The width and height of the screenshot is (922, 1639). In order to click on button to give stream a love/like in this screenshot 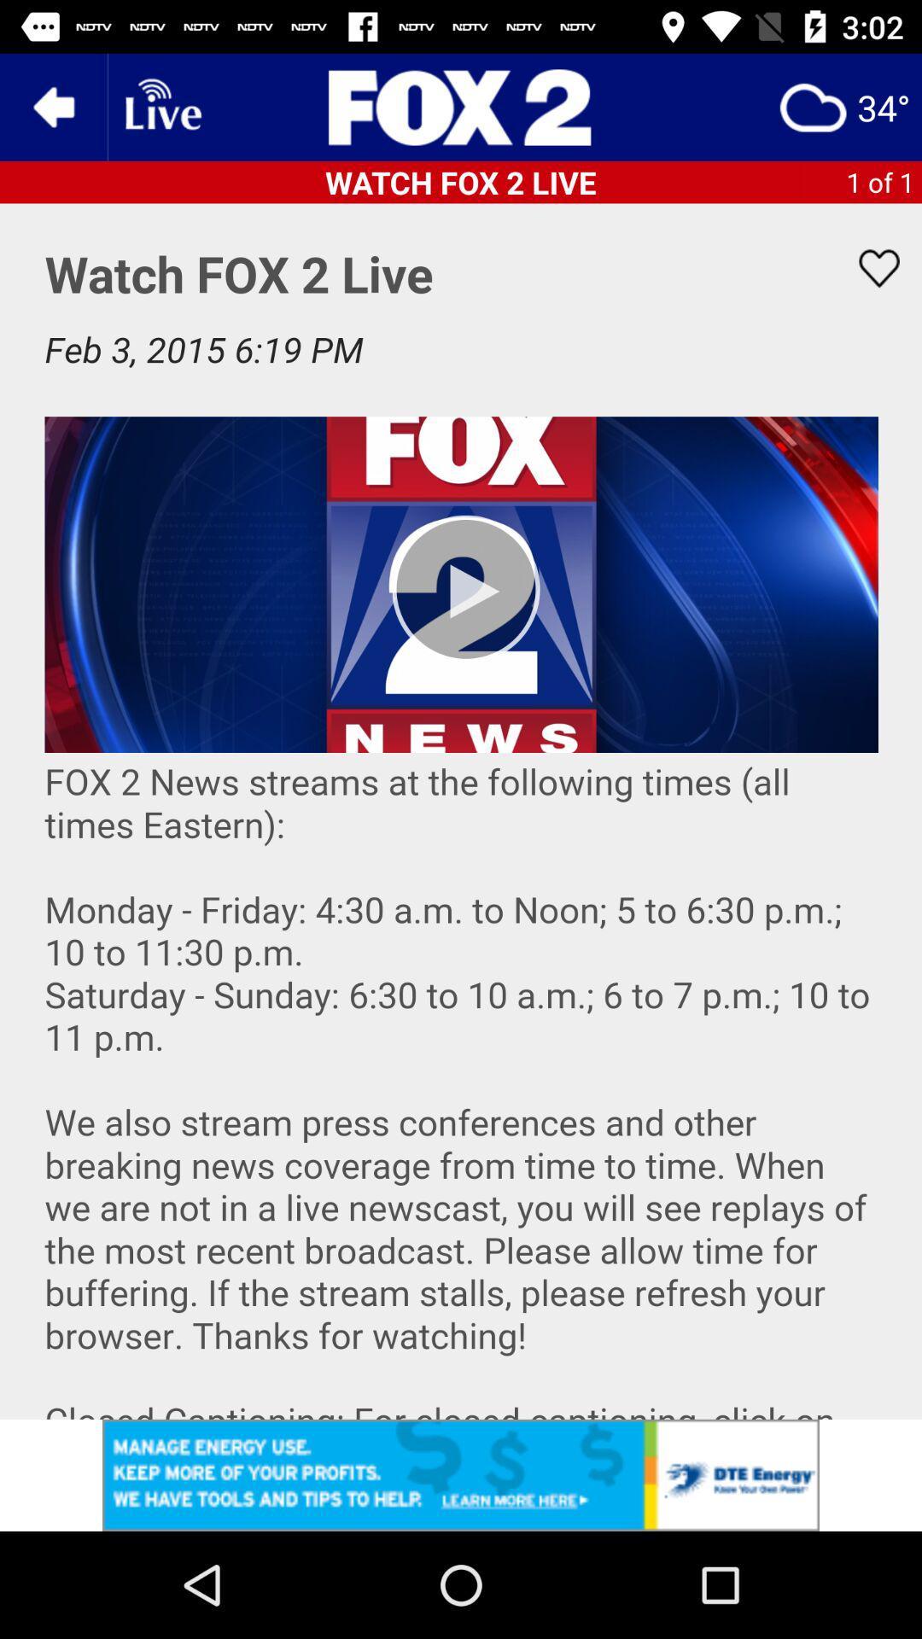, I will do `click(868, 267)`.